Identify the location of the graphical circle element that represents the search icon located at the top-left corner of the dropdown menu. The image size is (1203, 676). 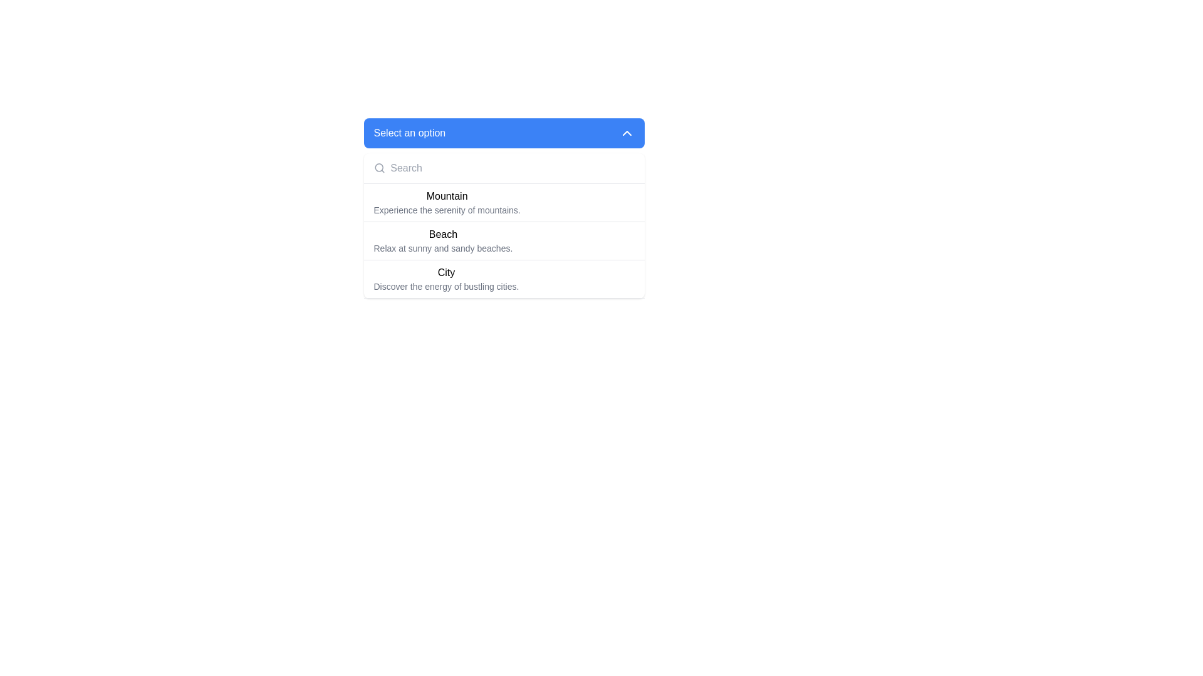
(378, 167).